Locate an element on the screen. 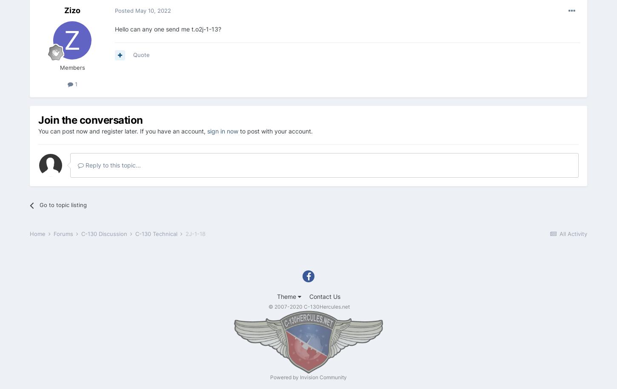 Image resolution: width=617 pixels, height=389 pixels. '1' is located at coordinates (74, 84).